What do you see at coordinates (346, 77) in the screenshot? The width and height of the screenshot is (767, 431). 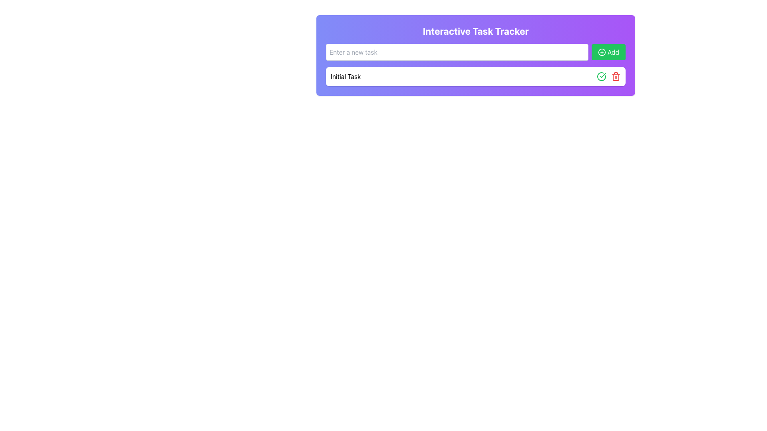 I see `the Text Label displaying the name or title of a task in the upper-central area of the Interactive Task Tracker interface` at bounding box center [346, 77].